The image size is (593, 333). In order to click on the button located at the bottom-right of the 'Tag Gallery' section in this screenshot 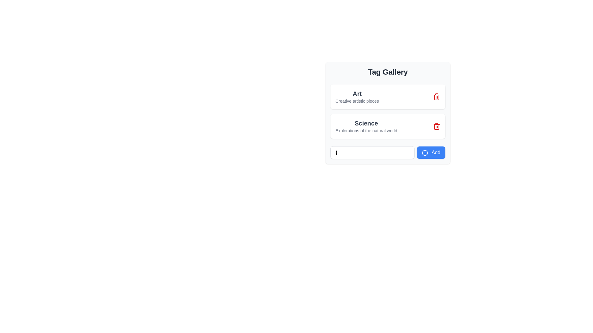, I will do `click(431, 152)`.